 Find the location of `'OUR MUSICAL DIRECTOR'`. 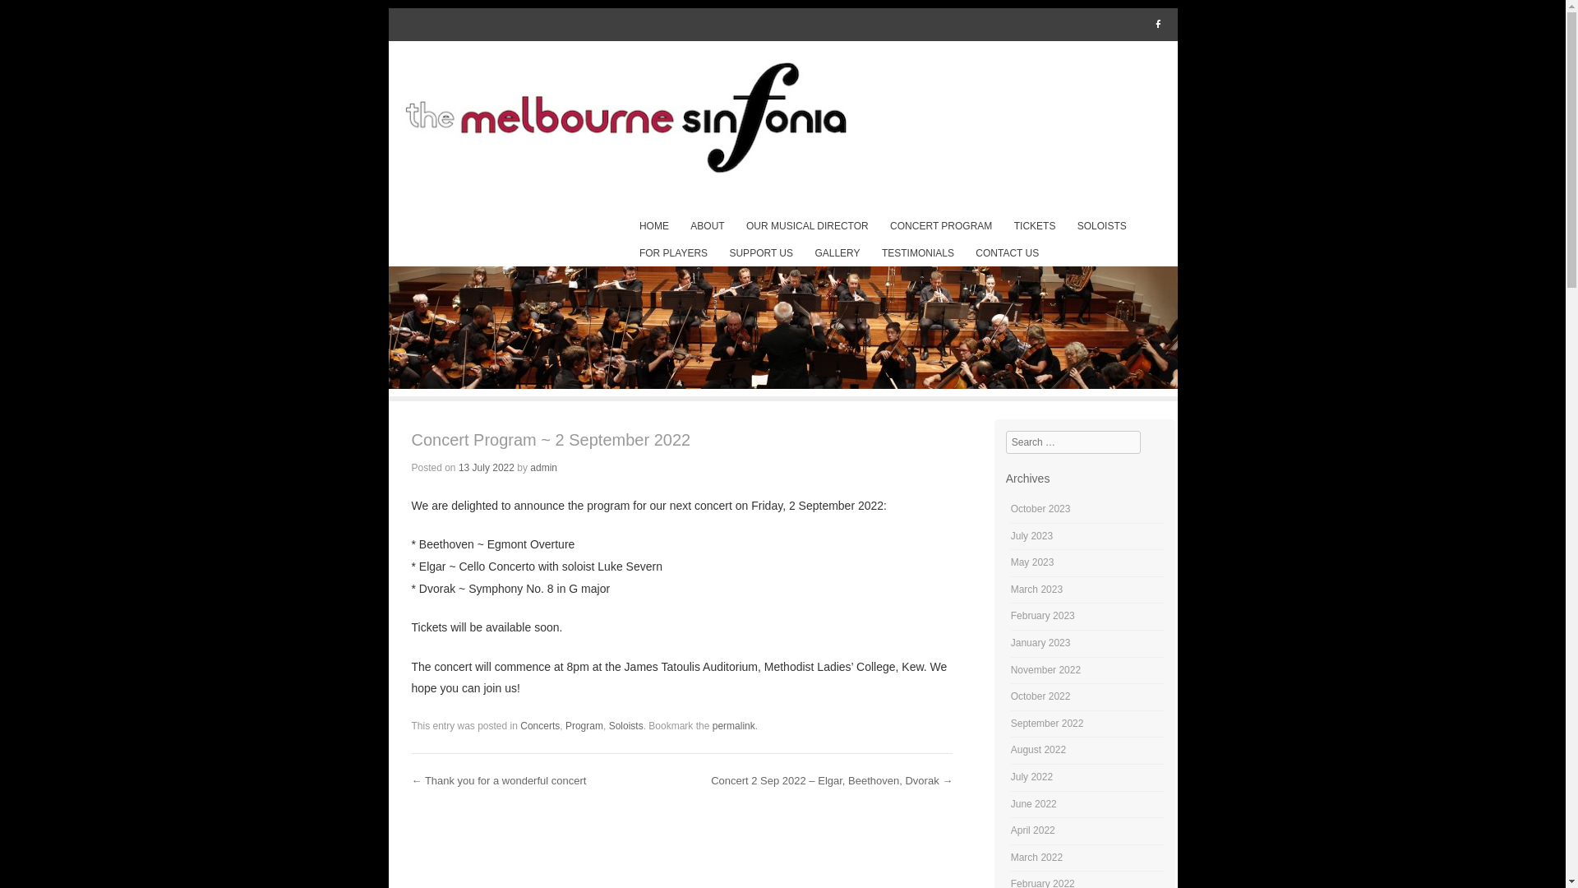

'OUR MUSICAL DIRECTOR' is located at coordinates (807, 227).